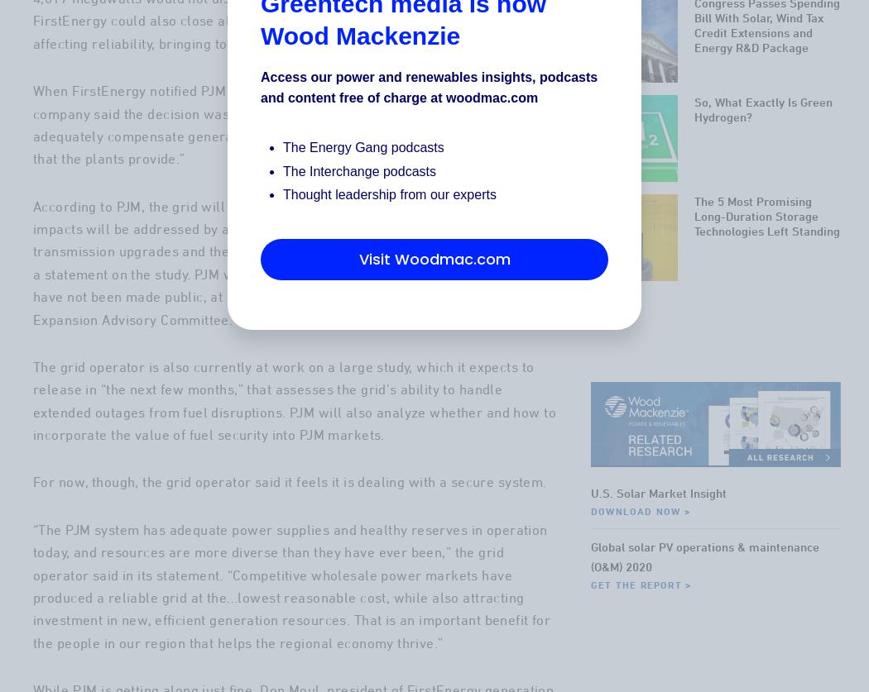  What do you see at coordinates (735, 36) in the screenshot?
I see `'MOST COMMENTS'` at bounding box center [735, 36].